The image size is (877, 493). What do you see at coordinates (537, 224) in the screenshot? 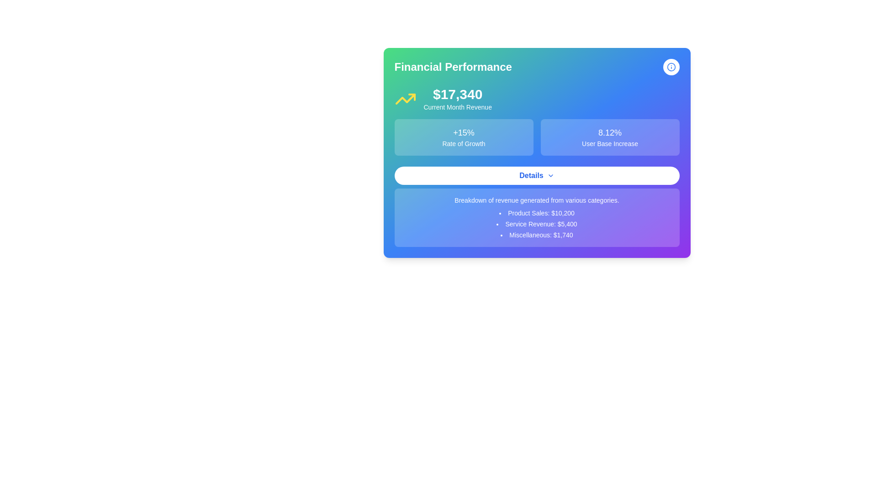
I see `the bulleted list detailing revenue breakdowns, which includes items such as 'Product Sales: $10,200', 'Service Revenue: $5,400', and 'Miscellaneous: $1,740'. This list is located in the lower portion of the revenue breakdown card, beneath the heading 'Breakdown of revenue generated from various categories.'` at bounding box center [537, 224].